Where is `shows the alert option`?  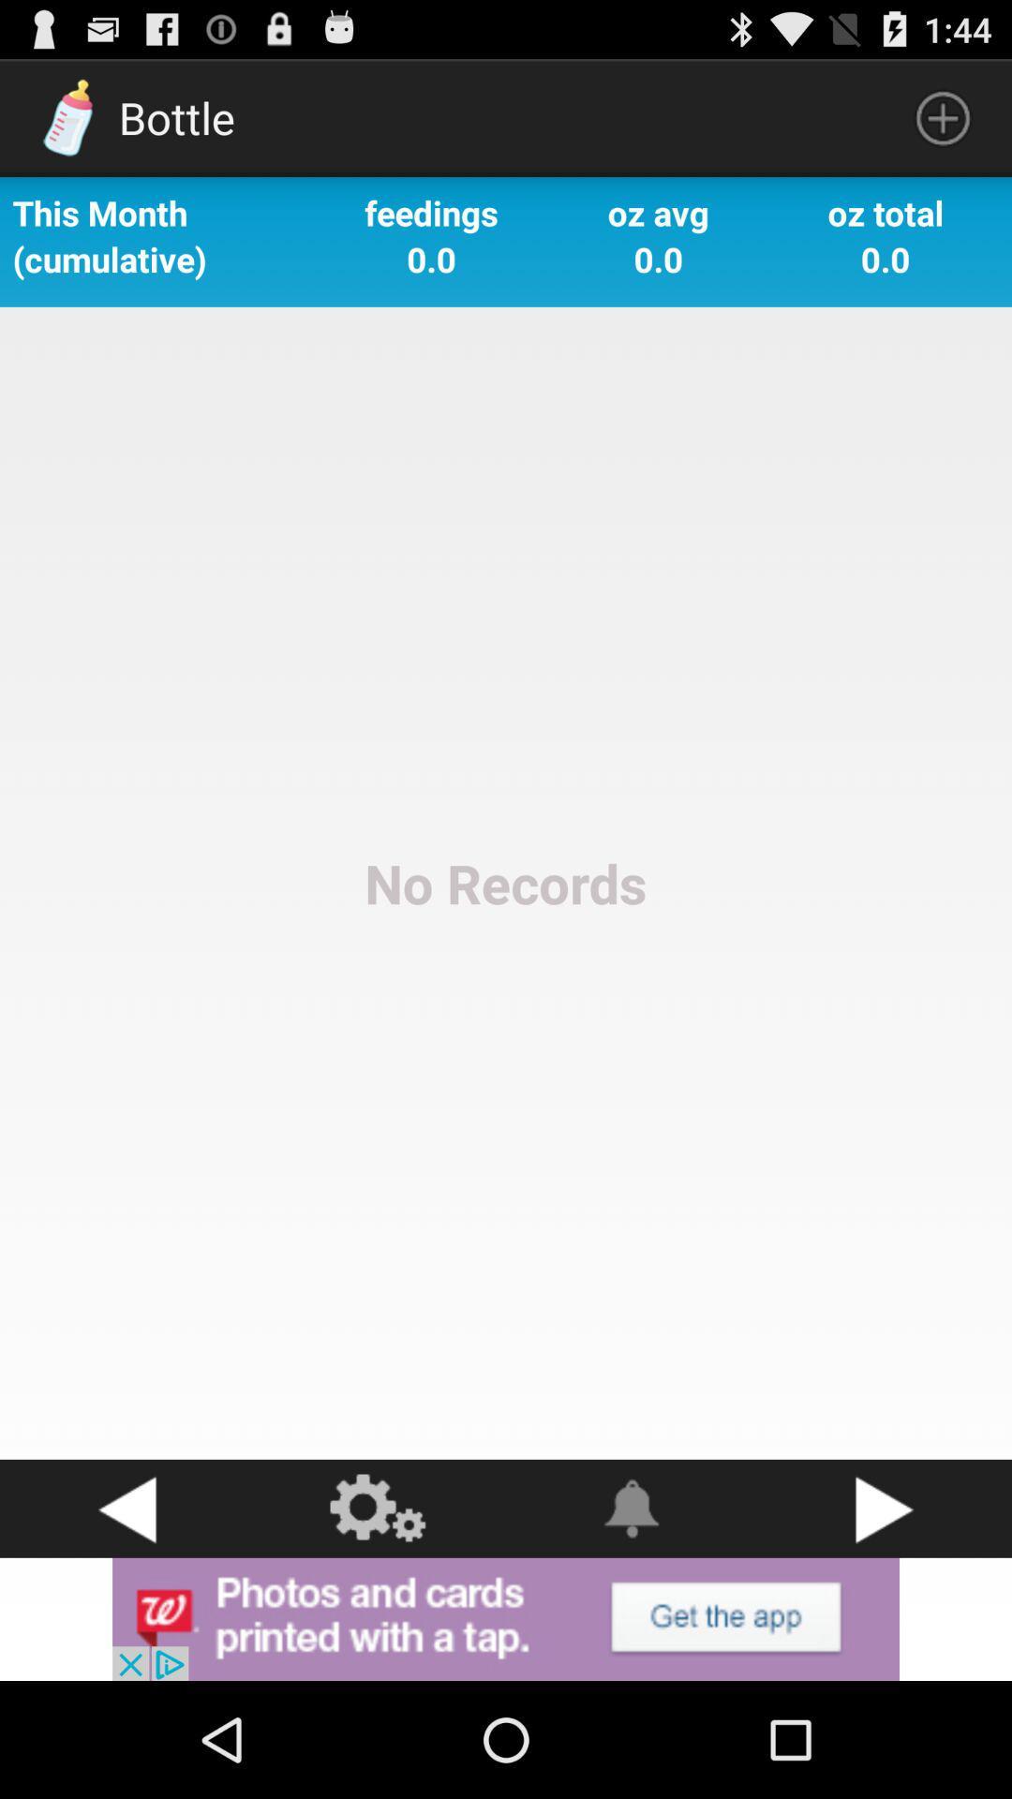 shows the alert option is located at coordinates (632, 1509).